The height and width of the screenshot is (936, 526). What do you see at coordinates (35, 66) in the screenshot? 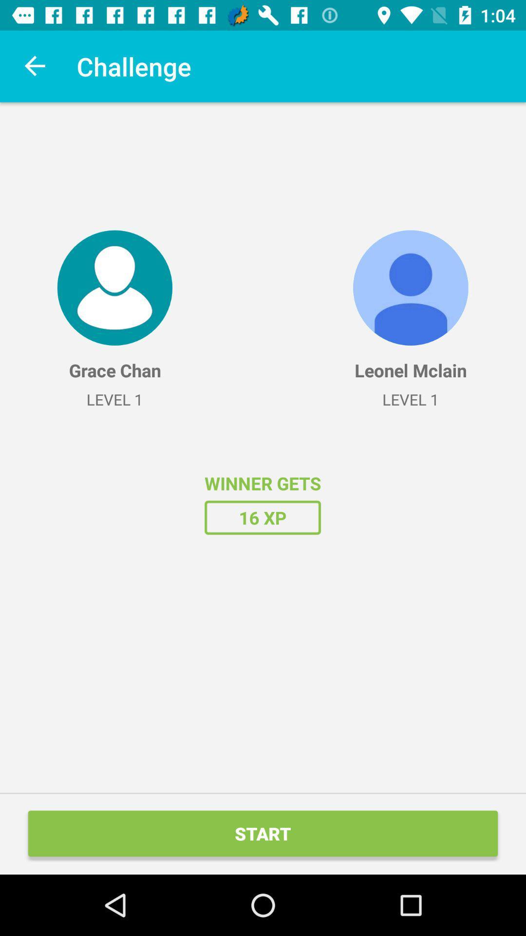
I see `item next to the challenge item` at bounding box center [35, 66].